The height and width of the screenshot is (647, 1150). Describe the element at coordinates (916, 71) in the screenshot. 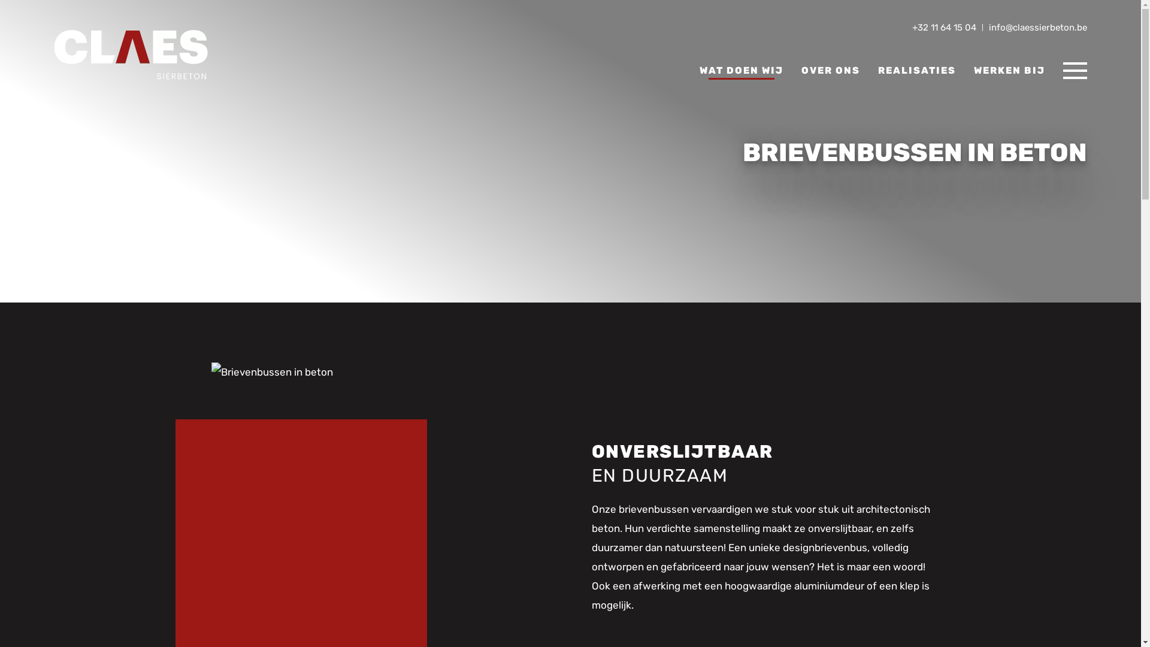

I see `'REALISATIES'` at that location.